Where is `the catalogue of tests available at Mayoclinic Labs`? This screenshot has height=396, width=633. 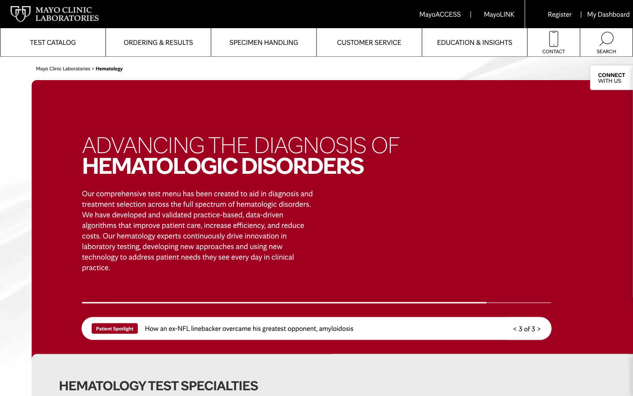 the catalogue of tests available at Mayoclinic Labs is located at coordinates (53, 42).